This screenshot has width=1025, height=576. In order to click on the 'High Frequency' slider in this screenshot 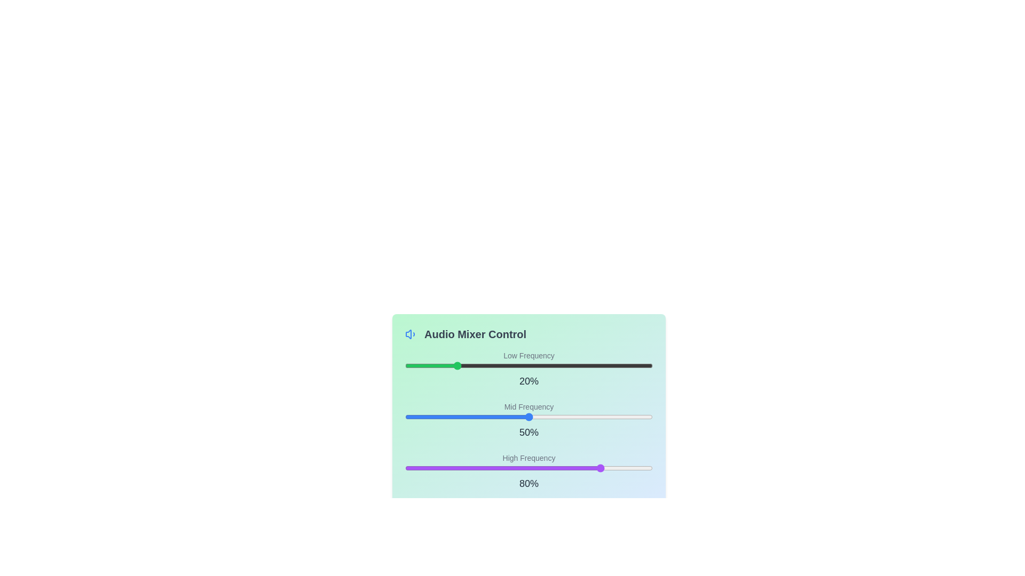, I will do `click(496, 468)`.